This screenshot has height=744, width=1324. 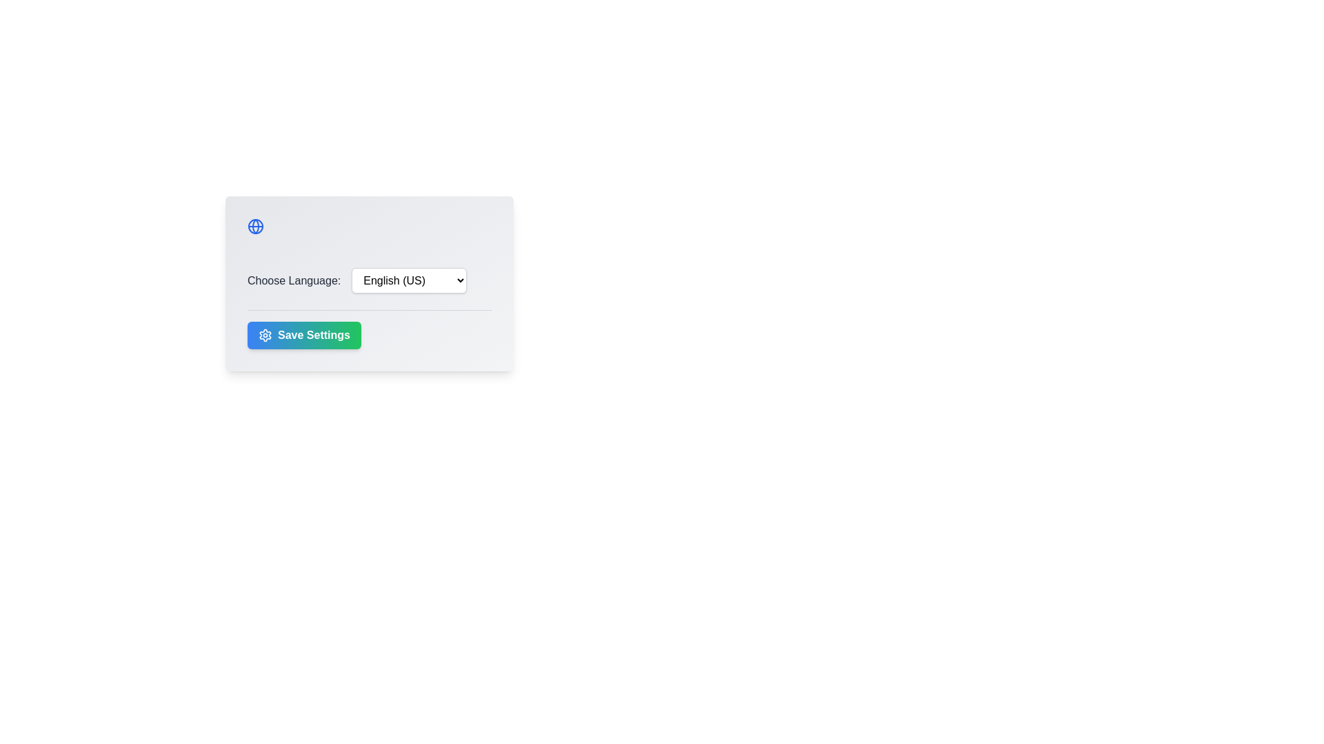 I want to click on the static text label that reads 'Choose Language:', which is styled in dark gray and positioned to the left of the dropdown menu, so click(x=293, y=280).